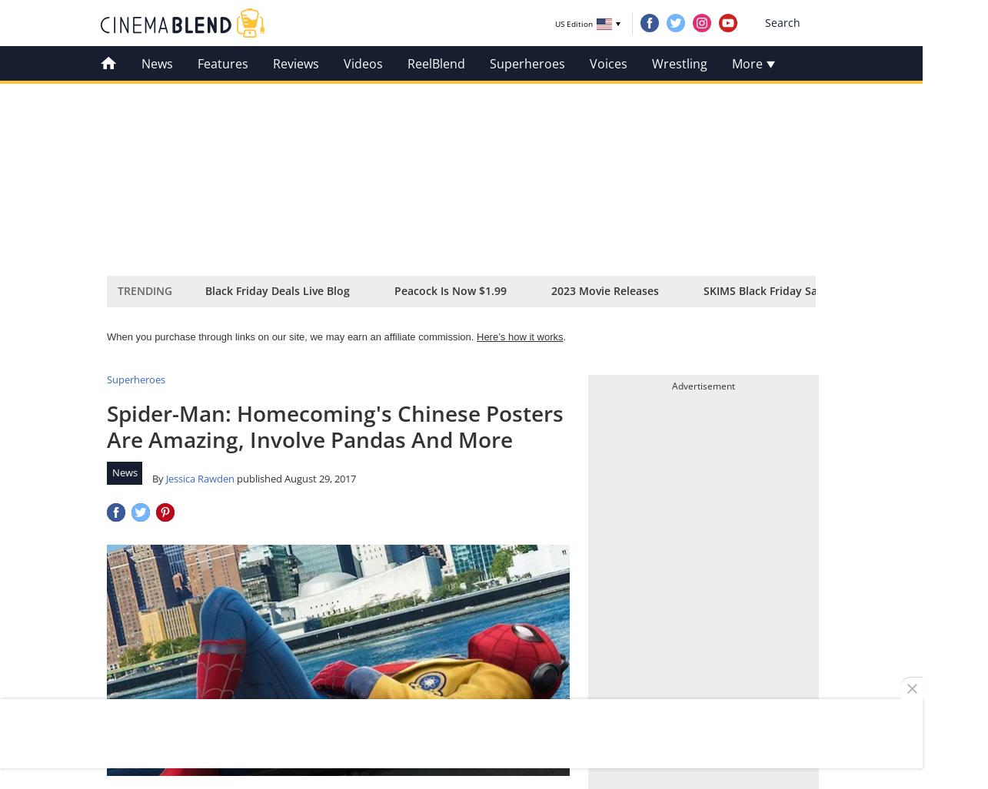 The image size is (988, 789). I want to click on 'Search', so click(782, 22).